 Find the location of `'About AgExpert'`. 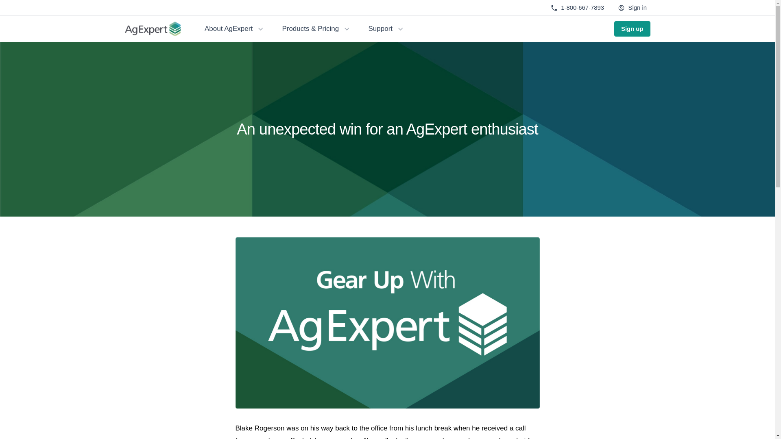

'About AgExpert' is located at coordinates (234, 28).